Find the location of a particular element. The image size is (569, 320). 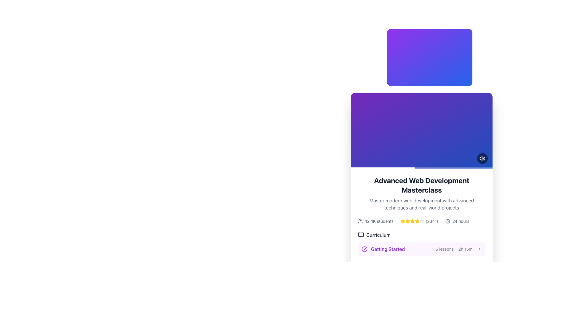

the right-facing chevron arrow icon next to the text '2h 15m' is located at coordinates (479, 249).